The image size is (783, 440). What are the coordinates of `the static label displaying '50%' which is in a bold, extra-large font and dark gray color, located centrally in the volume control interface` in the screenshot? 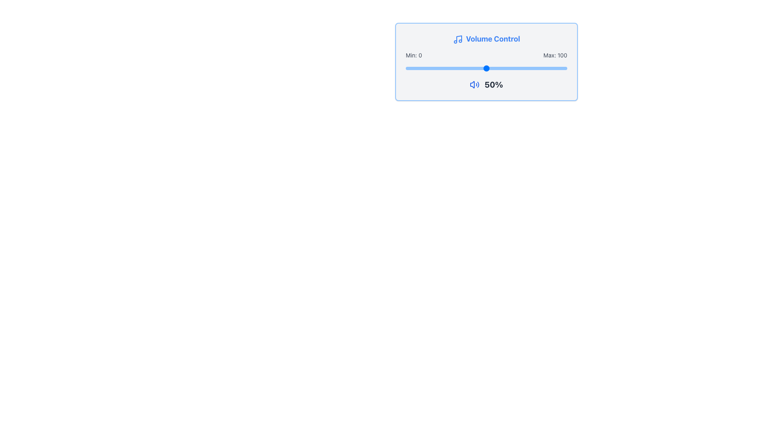 It's located at (493, 85).